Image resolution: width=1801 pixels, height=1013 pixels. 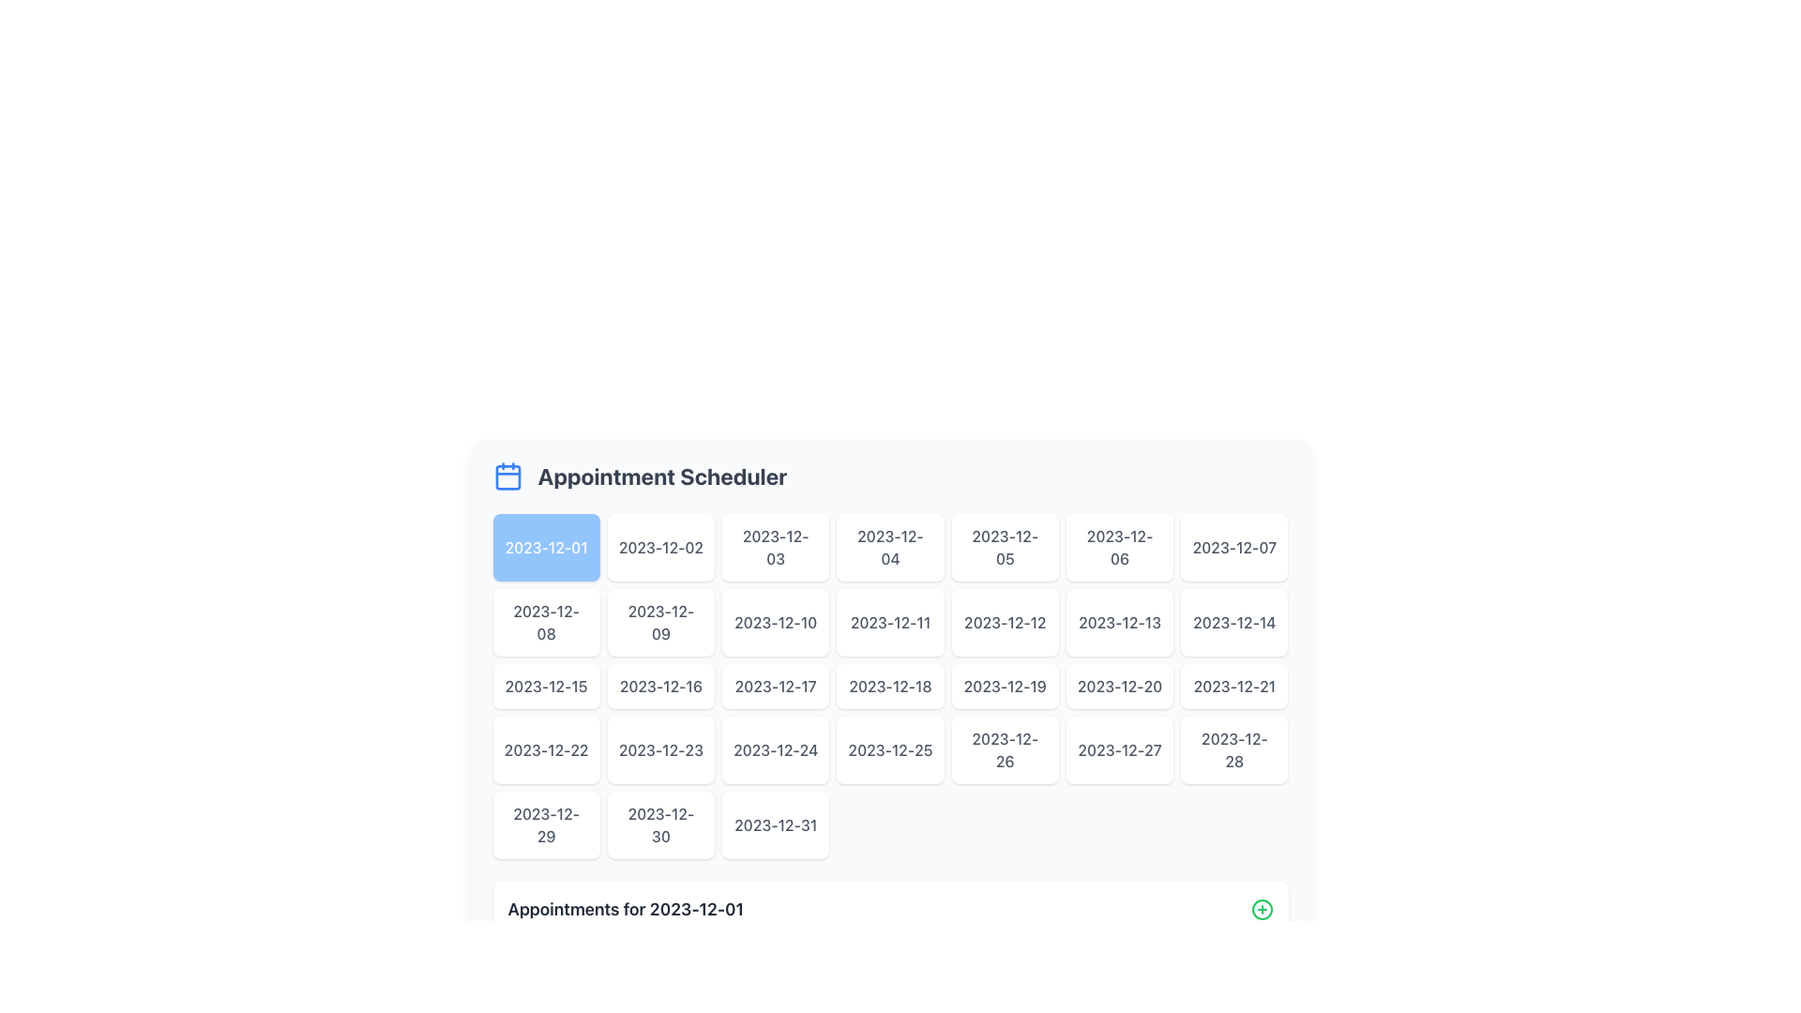 I want to click on the selectable date picker item for the date '2023-12-29' located in the last row and first column of the grid layout, so click(x=545, y=824).